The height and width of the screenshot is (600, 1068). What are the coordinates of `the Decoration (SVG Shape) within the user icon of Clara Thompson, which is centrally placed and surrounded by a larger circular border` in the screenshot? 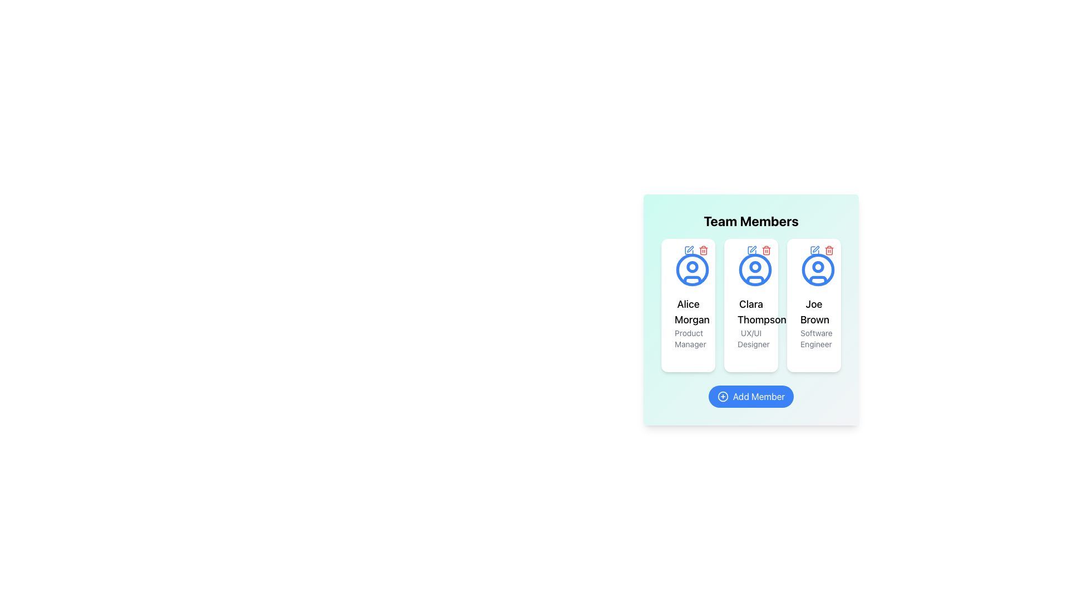 It's located at (755, 266).